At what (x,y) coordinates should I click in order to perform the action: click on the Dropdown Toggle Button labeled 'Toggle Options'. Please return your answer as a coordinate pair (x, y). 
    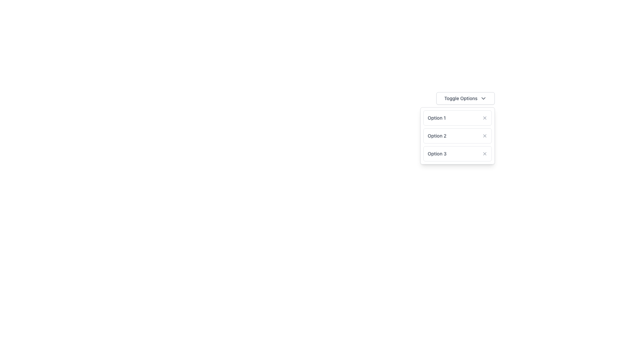
    Looking at the image, I should click on (465, 98).